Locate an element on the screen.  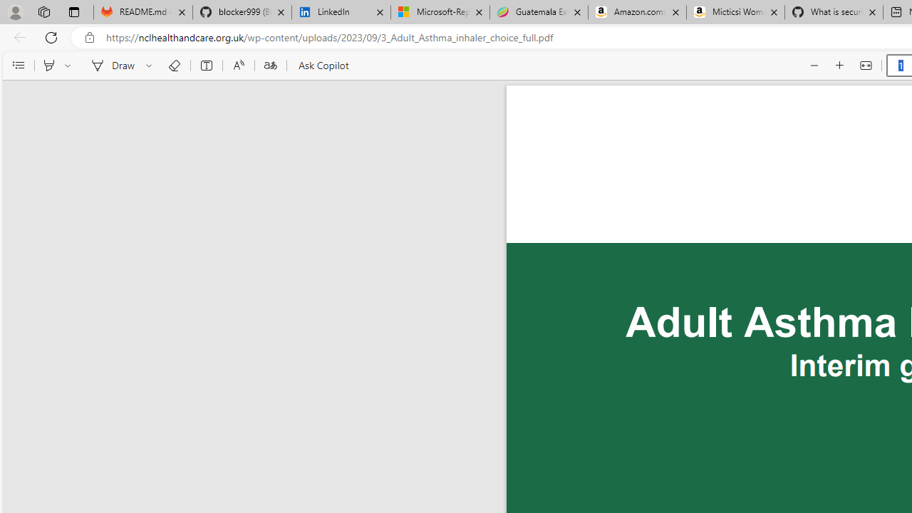
'Contents' is located at coordinates (18, 66).